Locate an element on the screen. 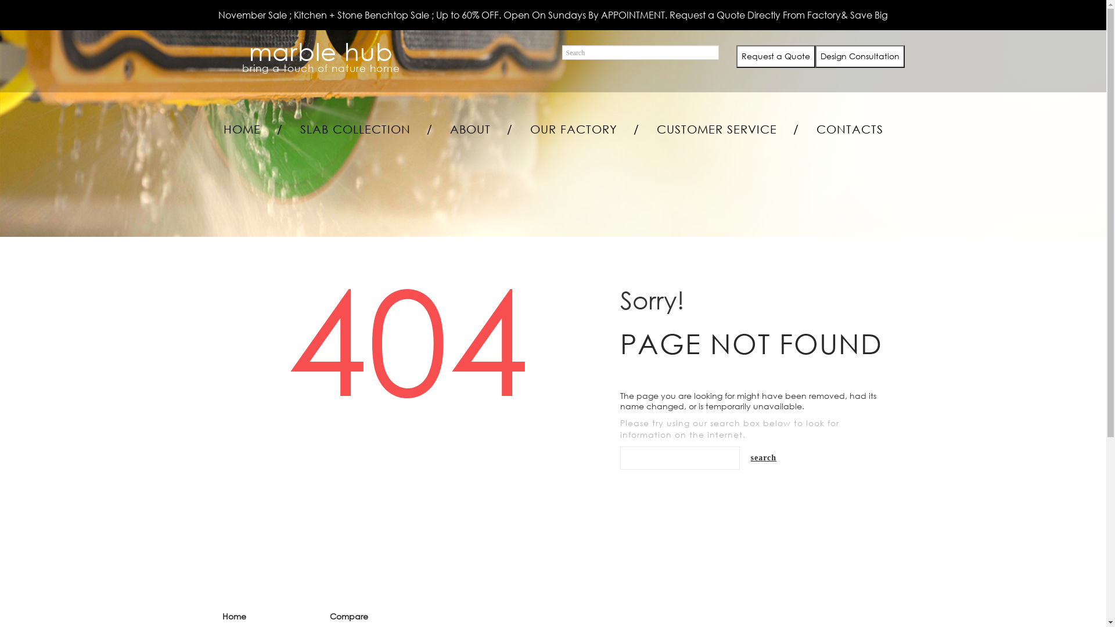 The width and height of the screenshot is (1115, 627). 'OUR FACTORY' is located at coordinates (573, 129).